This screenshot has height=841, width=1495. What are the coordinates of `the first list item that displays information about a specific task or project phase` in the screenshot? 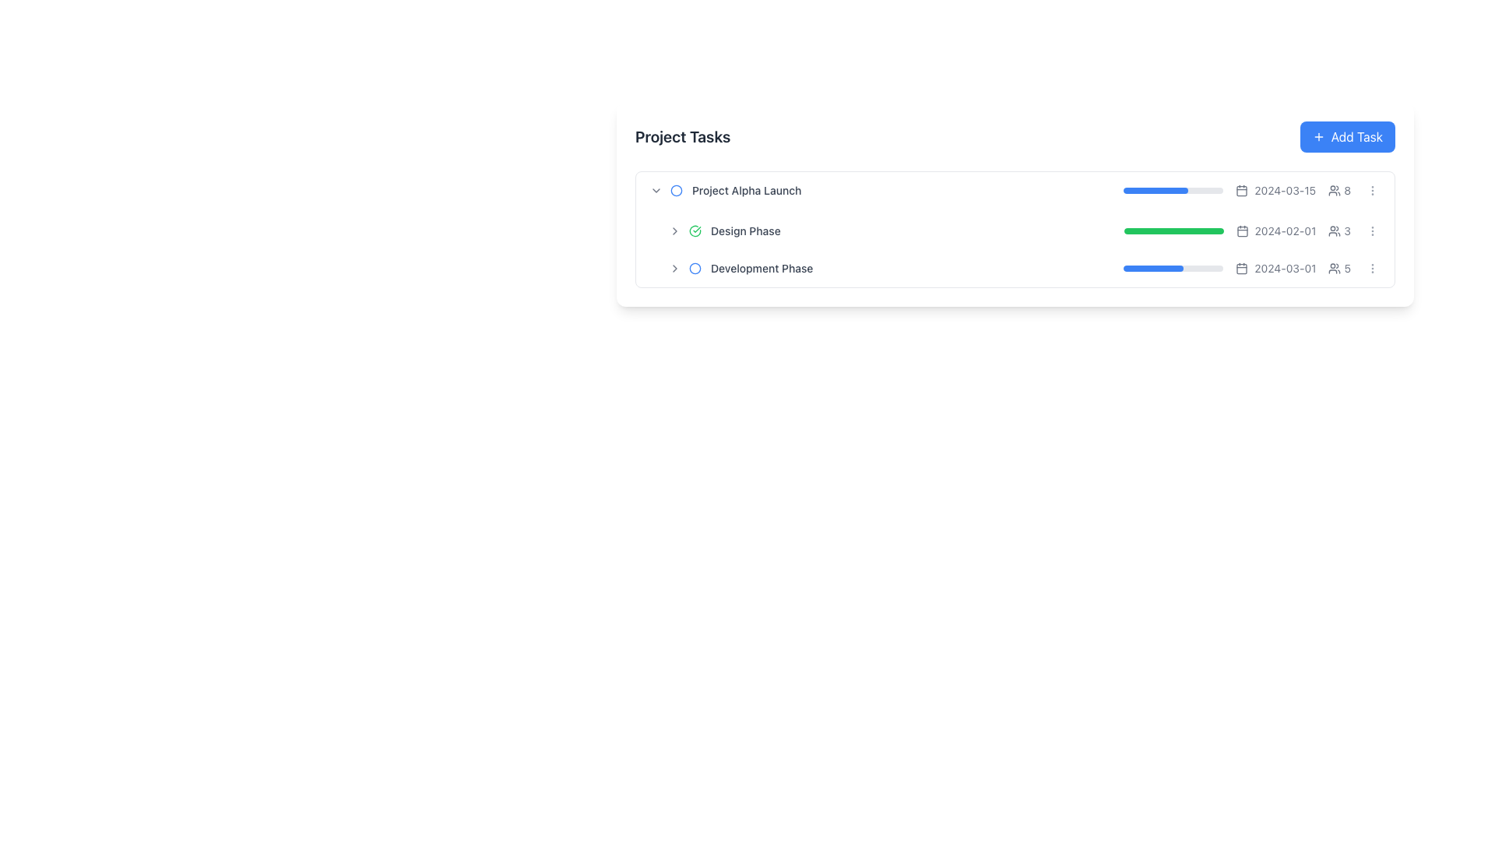 It's located at (1015, 190).